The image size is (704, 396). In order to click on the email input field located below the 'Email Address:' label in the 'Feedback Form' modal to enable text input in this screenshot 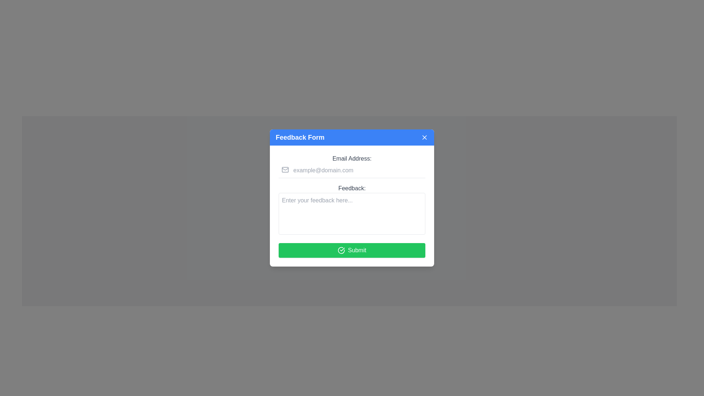, I will do `click(352, 170)`.